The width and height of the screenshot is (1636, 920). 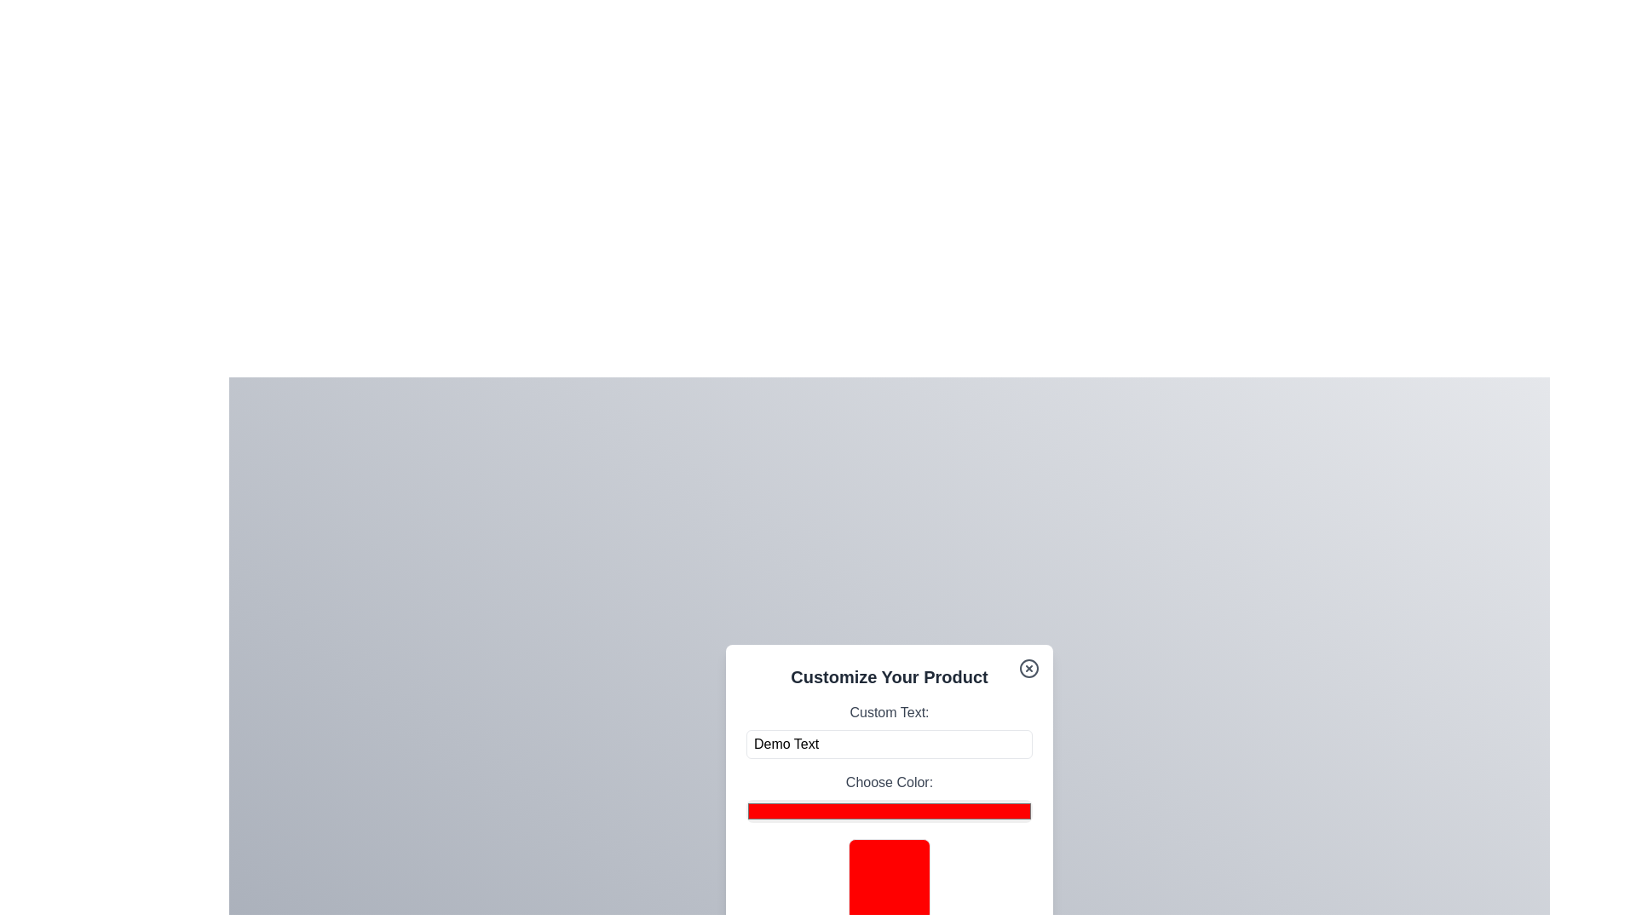 What do you see at coordinates (888, 810) in the screenshot?
I see `the color picker to a specific color value 3821040` at bounding box center [888, 810].